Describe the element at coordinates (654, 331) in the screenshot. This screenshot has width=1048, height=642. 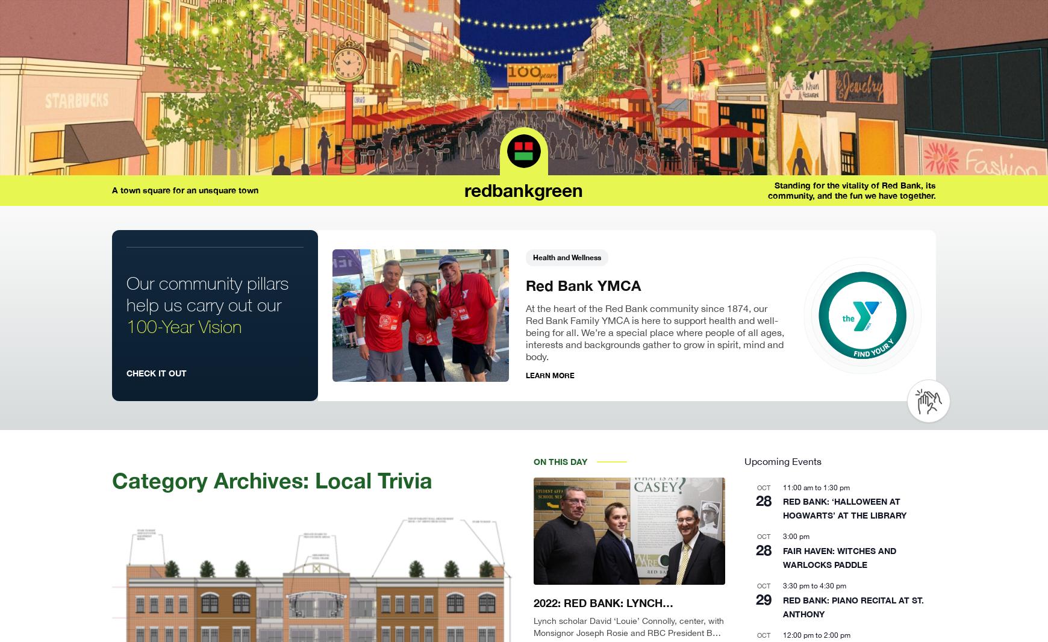
I see `'At the heart of the Red Bank community since 1874, our Red Bank Family YMCA is here to support health and well-being for all. We’re a special place where people of all ages, interests and backgrounds gather to grow in spirit, mind and body.'` at that location.